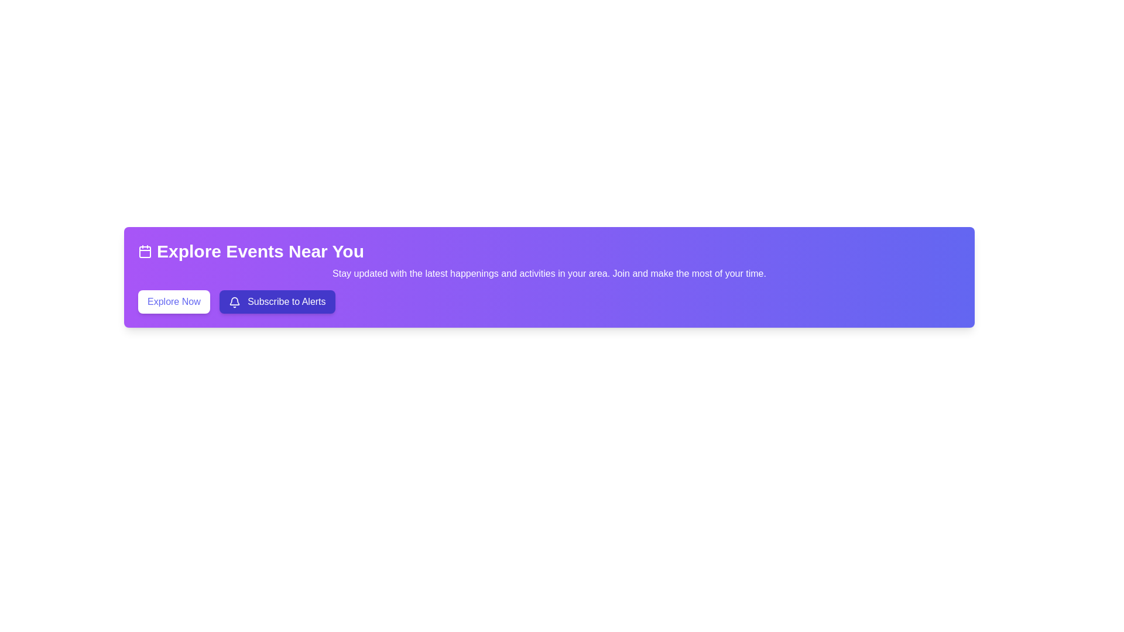 The height and width of the screenshot is (632, 1124). Describe the element at coordinates (145, 250) in the screenshot. I see `the calendar icon located to the left of the text 'Explore Events Near You' in the header section` at that location.